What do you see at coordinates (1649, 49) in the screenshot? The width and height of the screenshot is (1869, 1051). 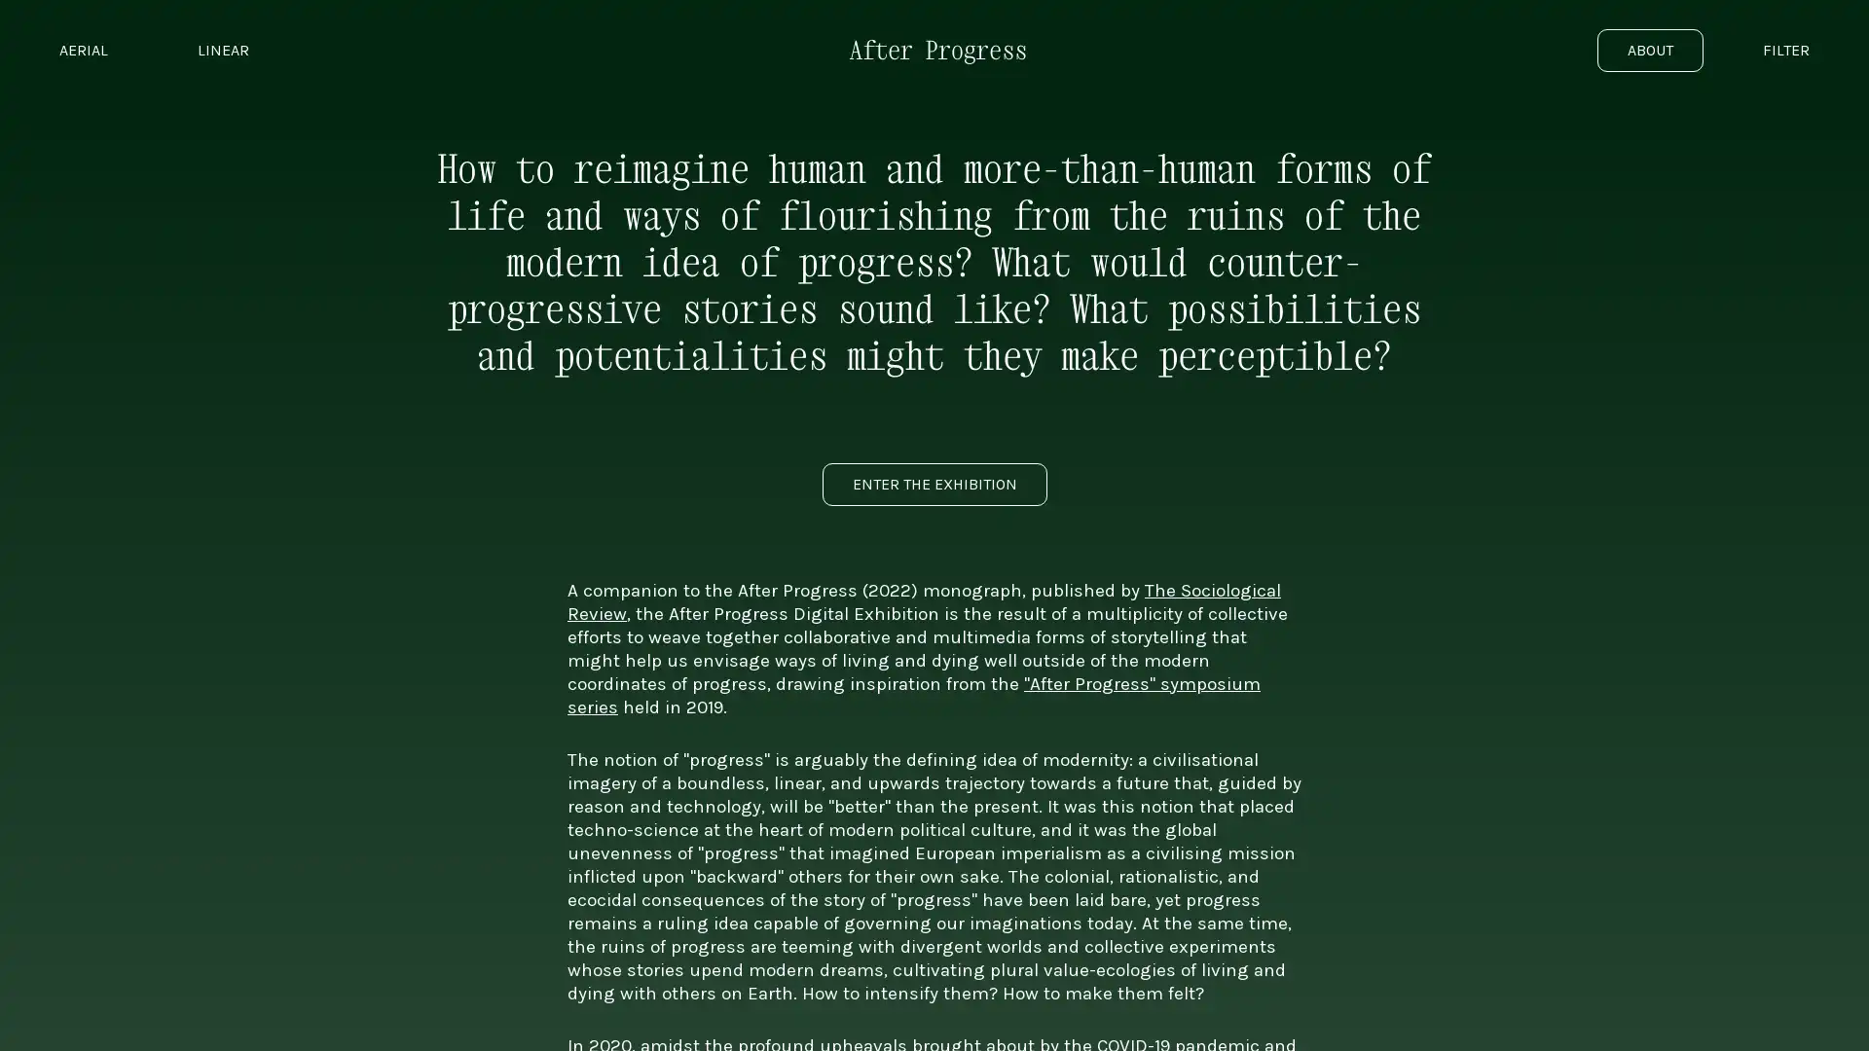 I see `ABOUT` at bounding box center [1649, 49].